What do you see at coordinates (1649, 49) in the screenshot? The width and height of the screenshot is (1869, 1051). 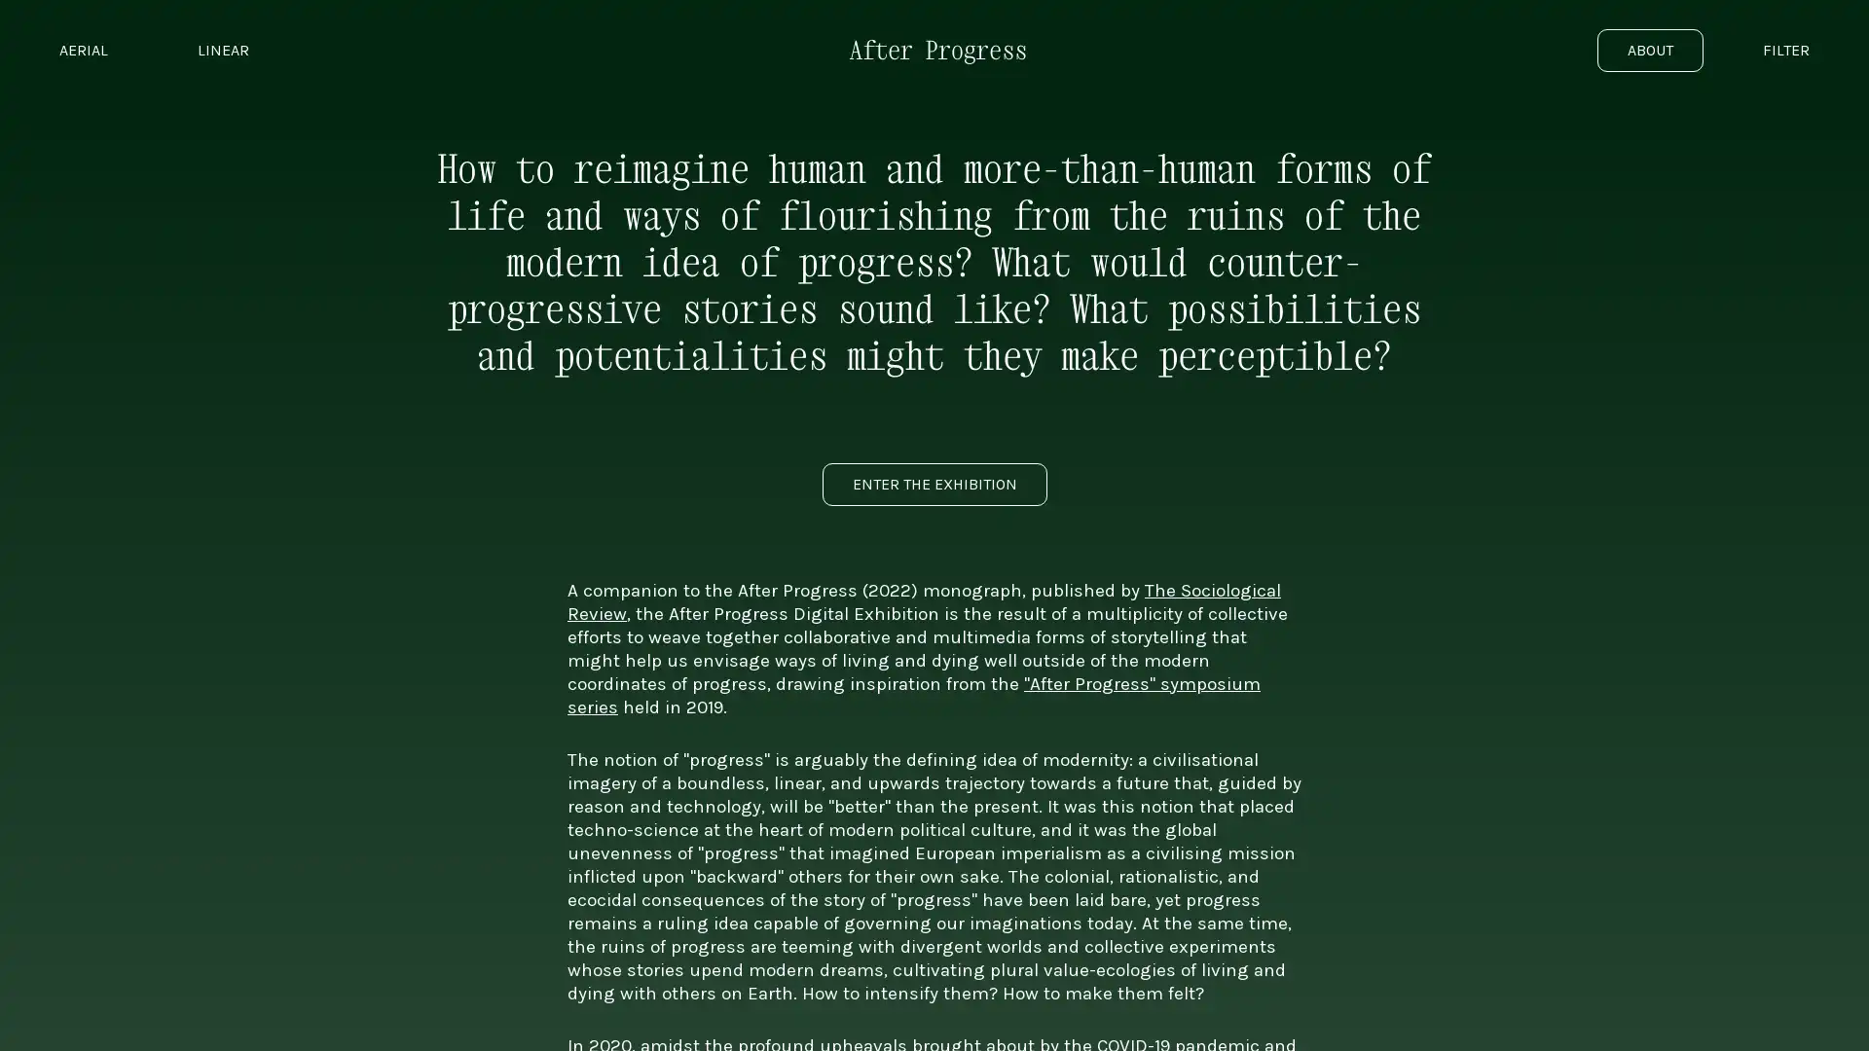 I see `ABOUT` at bounding box center [1649, 49].